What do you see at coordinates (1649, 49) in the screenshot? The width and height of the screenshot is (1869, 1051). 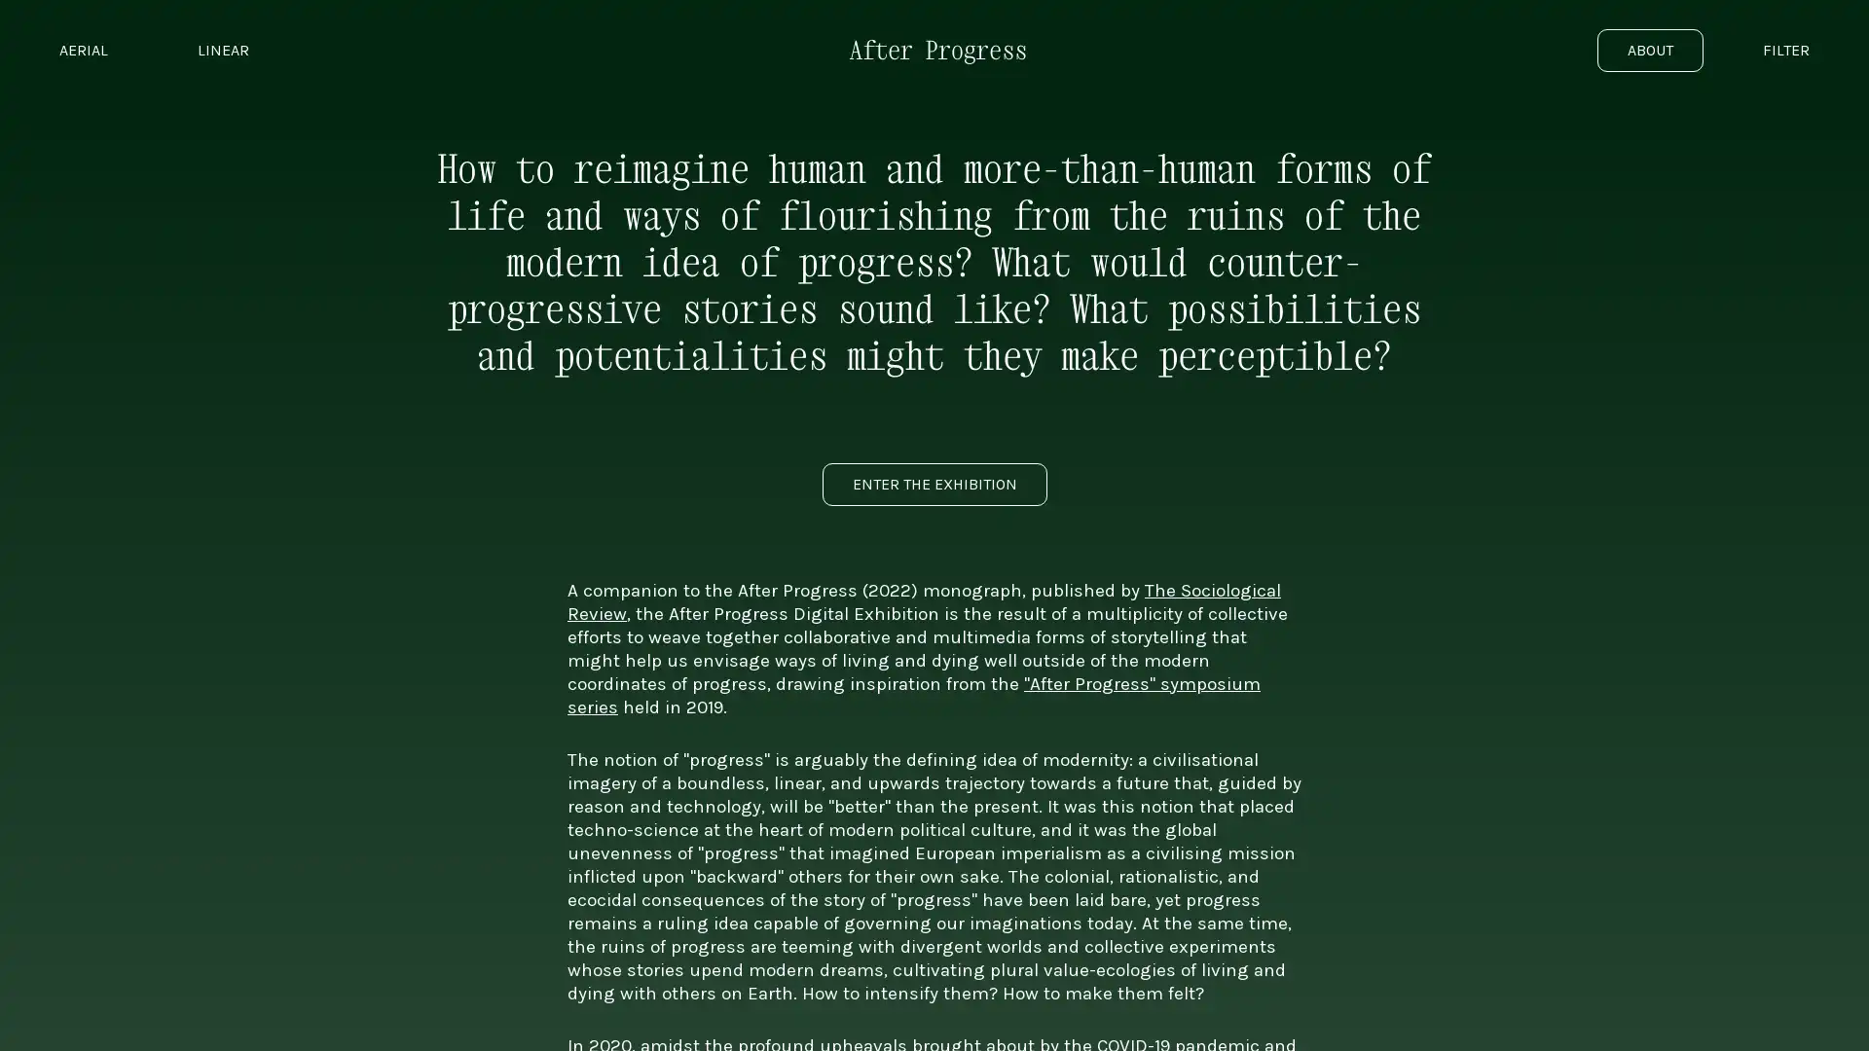 I see `ABOUT` at bounding box center [1649, 49].